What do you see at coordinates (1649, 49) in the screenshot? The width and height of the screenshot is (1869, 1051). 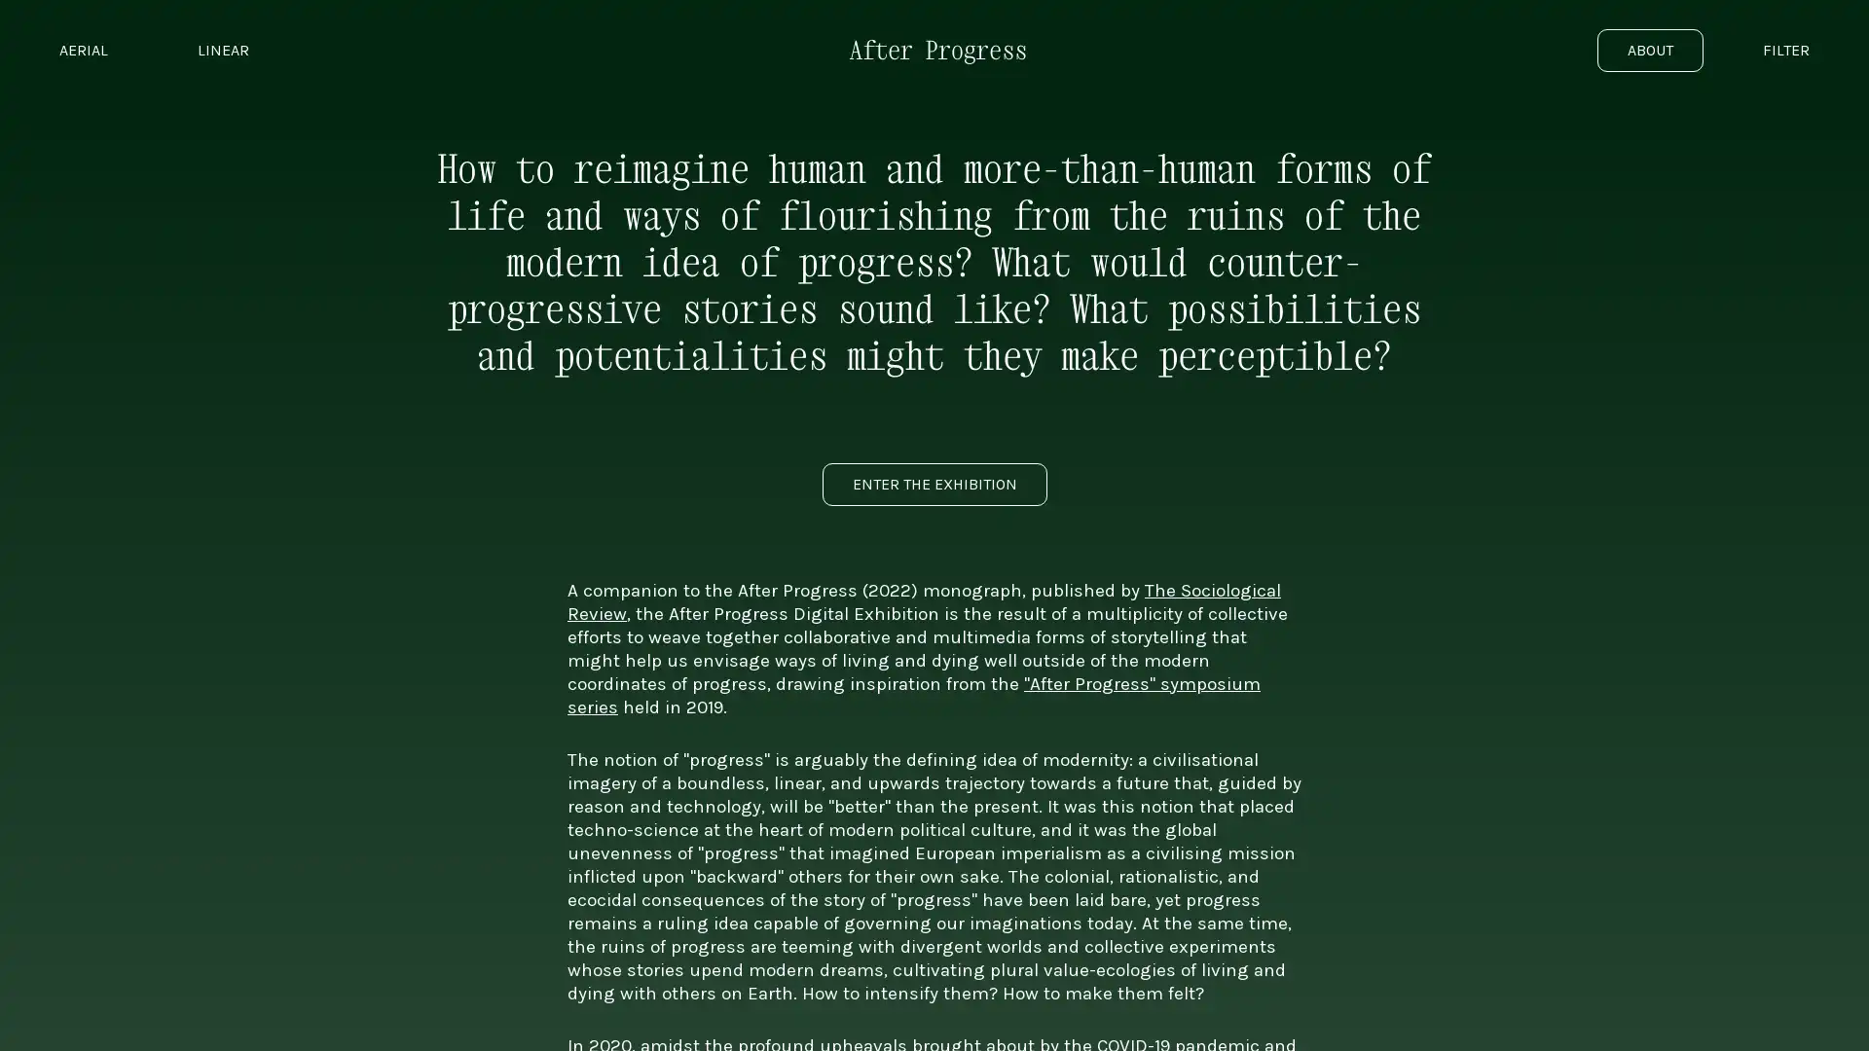 I see `ABOUT` at bounding box center [1649, 49].